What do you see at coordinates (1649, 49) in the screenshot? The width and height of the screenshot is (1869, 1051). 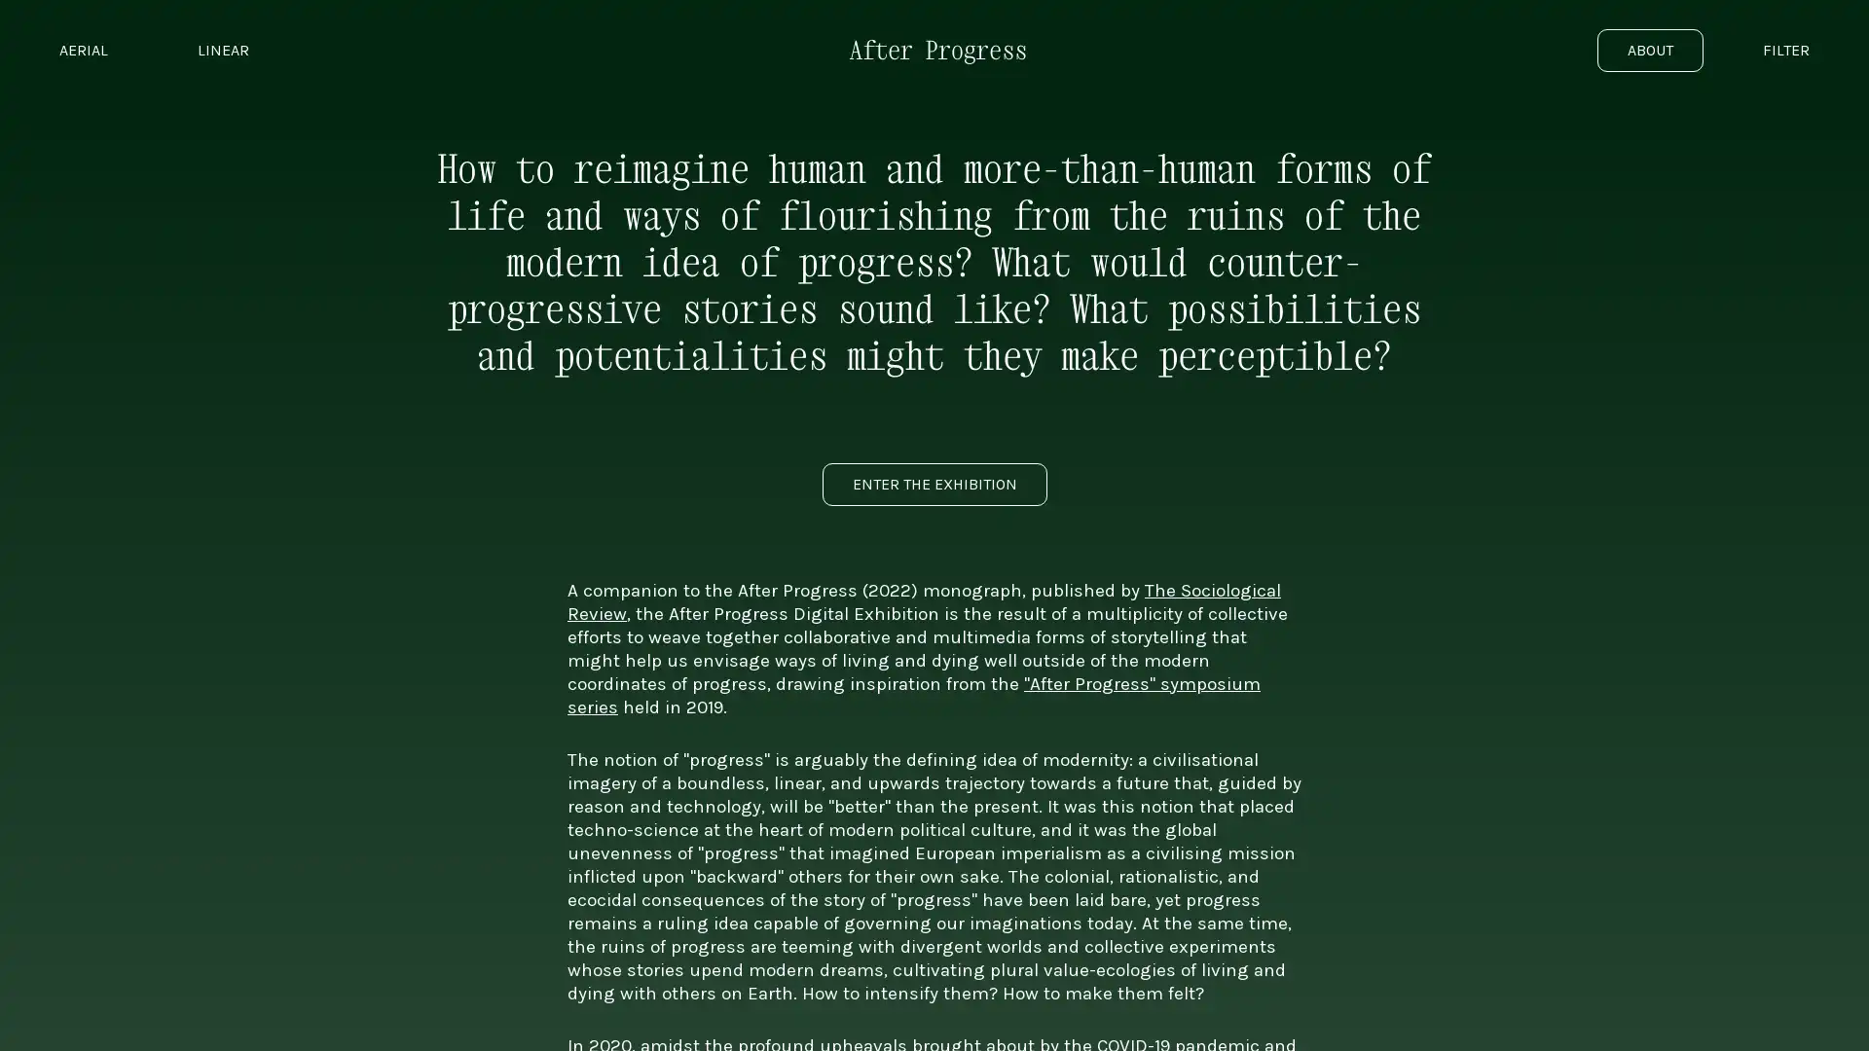 I see `ABOUT` at bounding box center [1649, 49].